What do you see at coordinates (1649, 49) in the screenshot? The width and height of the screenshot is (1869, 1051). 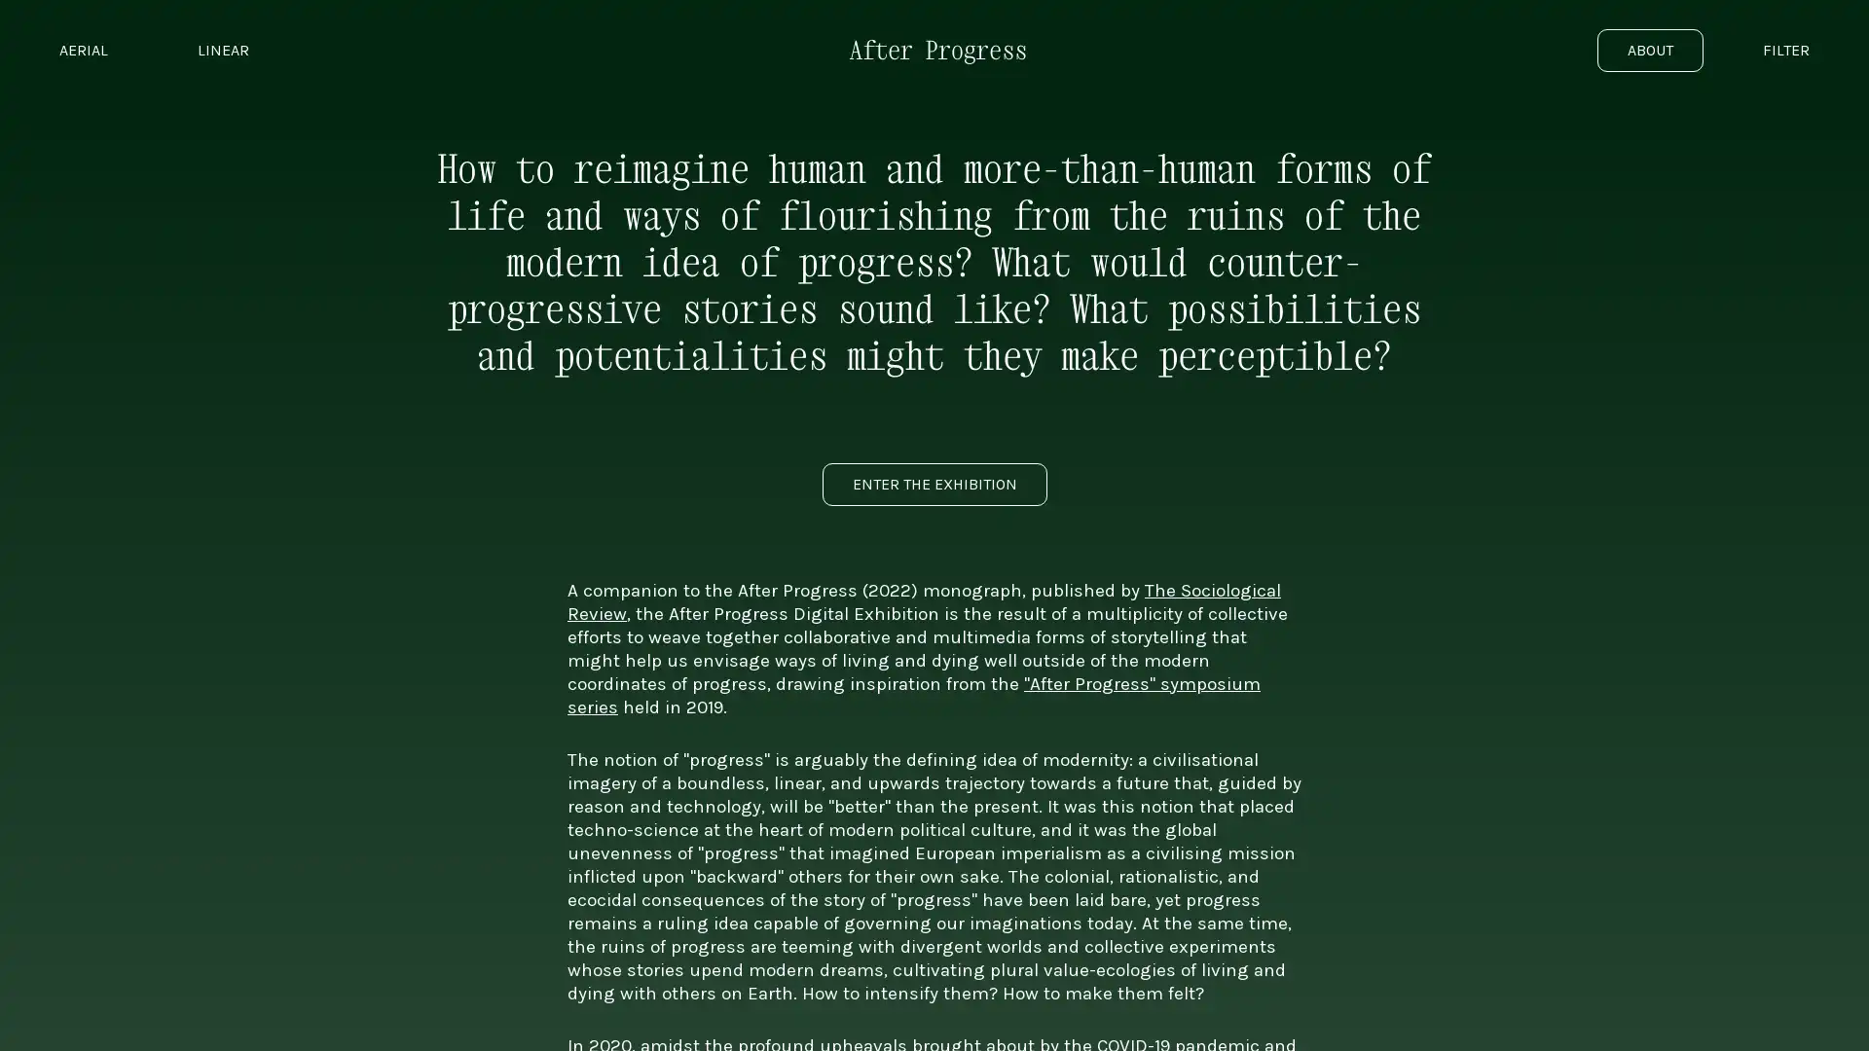 I see `ABOUT` at bounding box center [1649, 49].